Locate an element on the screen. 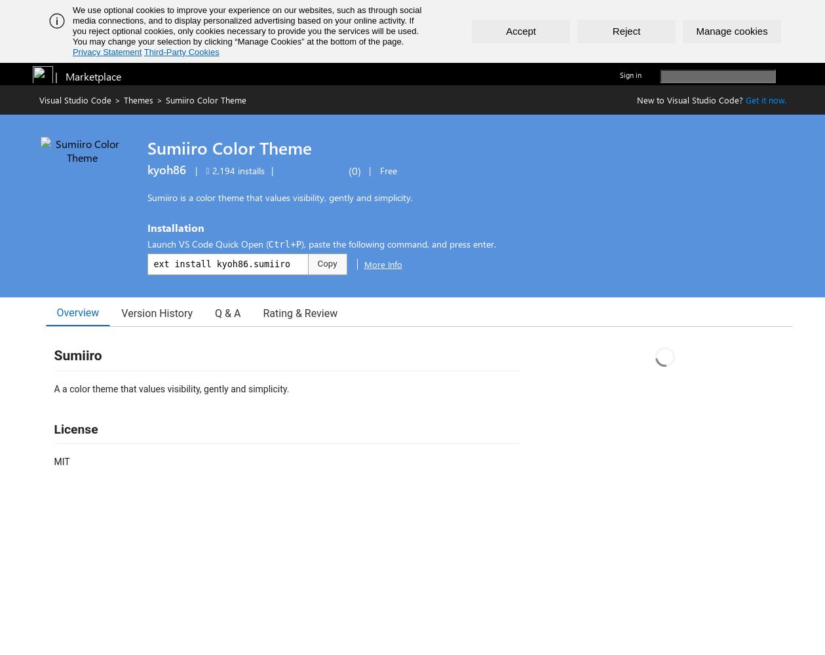  '|   Marketplace' is located at coordinates (54, 75).